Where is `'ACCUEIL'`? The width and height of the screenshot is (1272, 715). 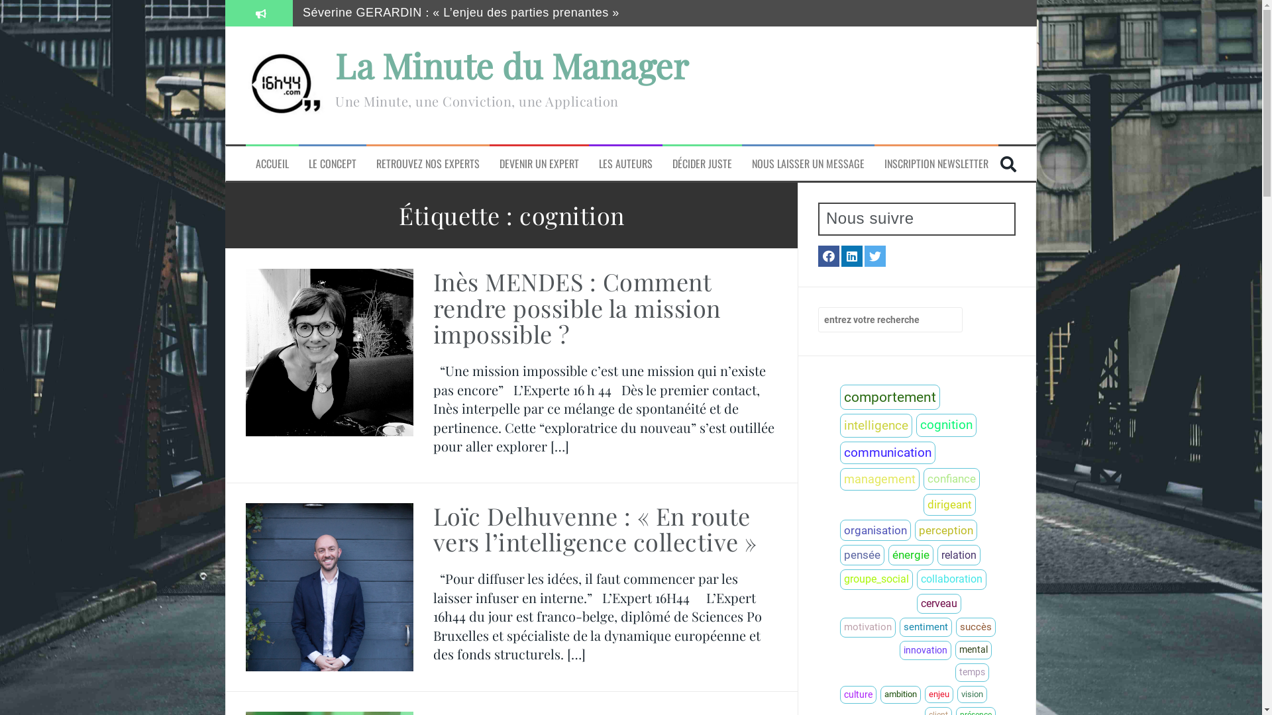 'ACCUEIL' is located at coordinates (272, 163).